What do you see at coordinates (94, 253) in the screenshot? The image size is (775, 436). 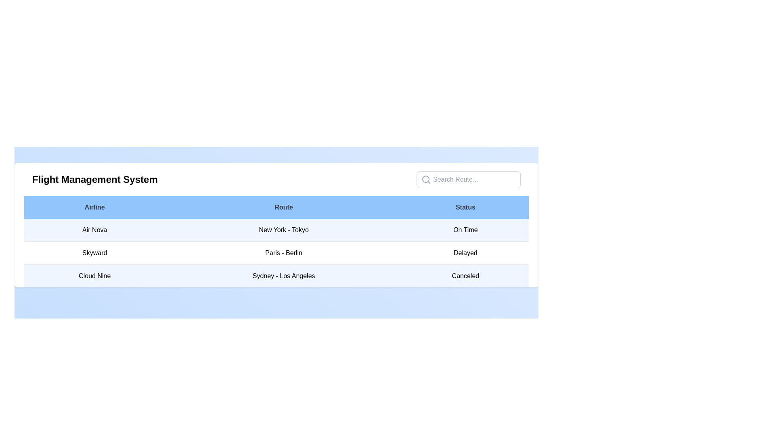 I see `the Text label representing the airline name located in the second row of the 'Airline' column, which identifies a specific airline within the flight details table` at bounding box center [94, 253].